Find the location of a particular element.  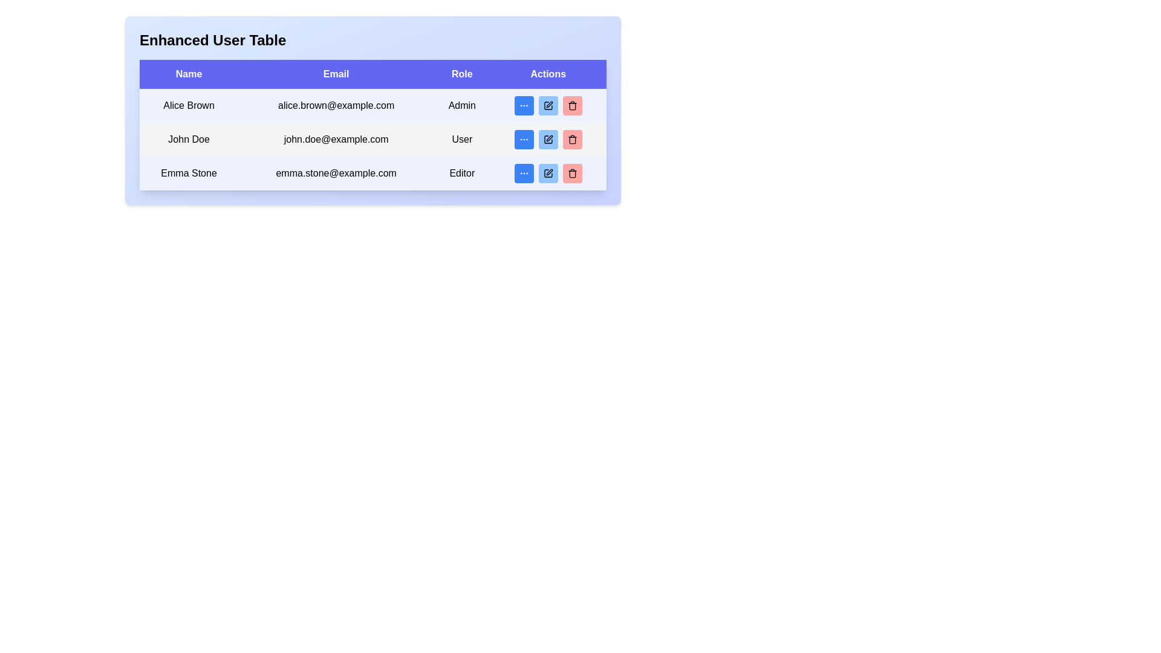

the editing action button icon in the 'Actions' column corresponding to the user 'Emma Stone', which is the last row of the table is located at coordinates (547, 173).